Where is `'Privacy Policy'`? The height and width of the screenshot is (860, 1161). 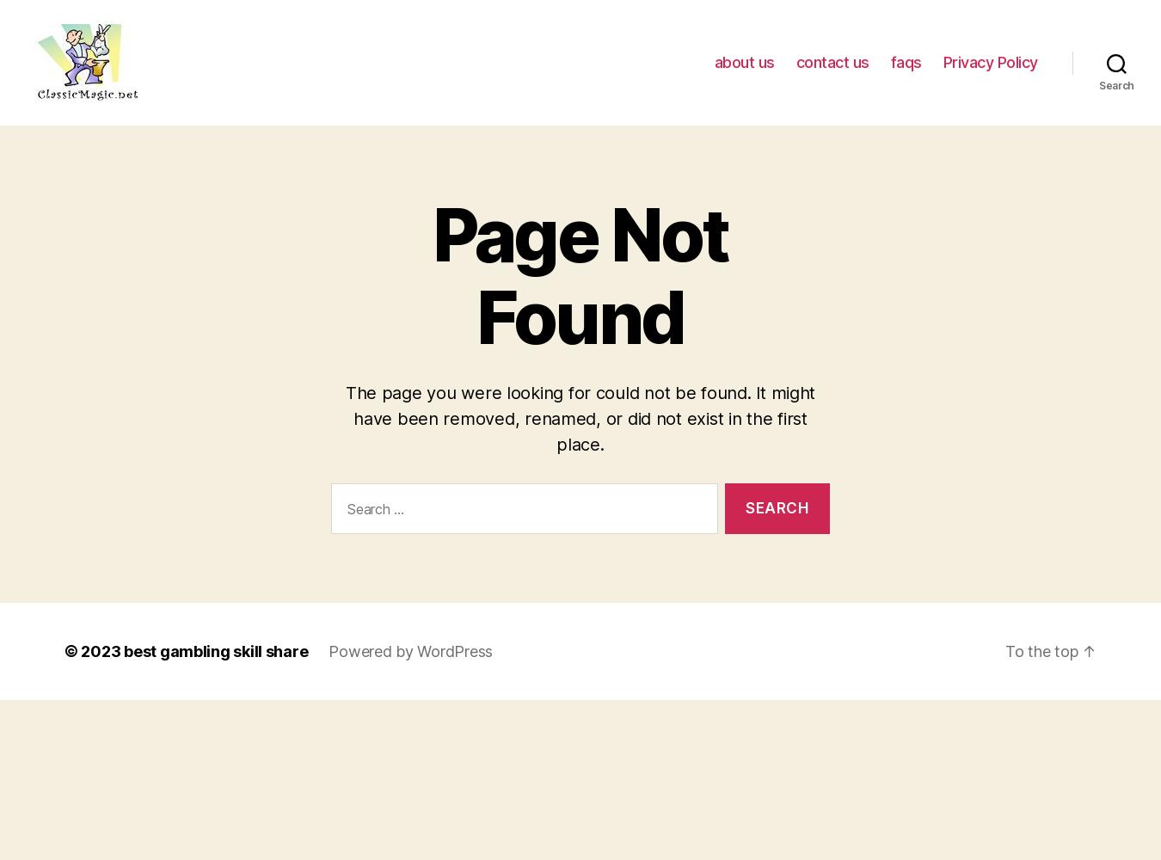 'Privacy Policy' is located at coordinates (989, 61).